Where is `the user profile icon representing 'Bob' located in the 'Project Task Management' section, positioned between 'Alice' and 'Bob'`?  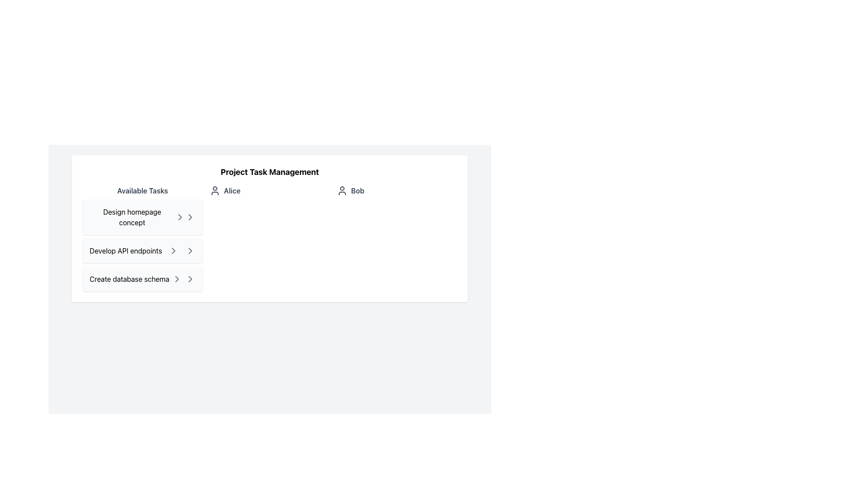 the user profile icon representing 'Bob' located in the 'Project Task Management' section, positioned between 'Alice' and 'Bob' is located at coordinates (341, 190).